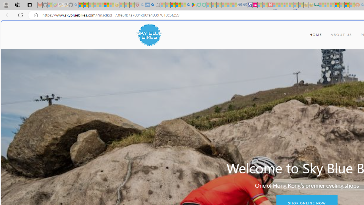  I want to click on 'Pets - MSN', so click(178, 5).